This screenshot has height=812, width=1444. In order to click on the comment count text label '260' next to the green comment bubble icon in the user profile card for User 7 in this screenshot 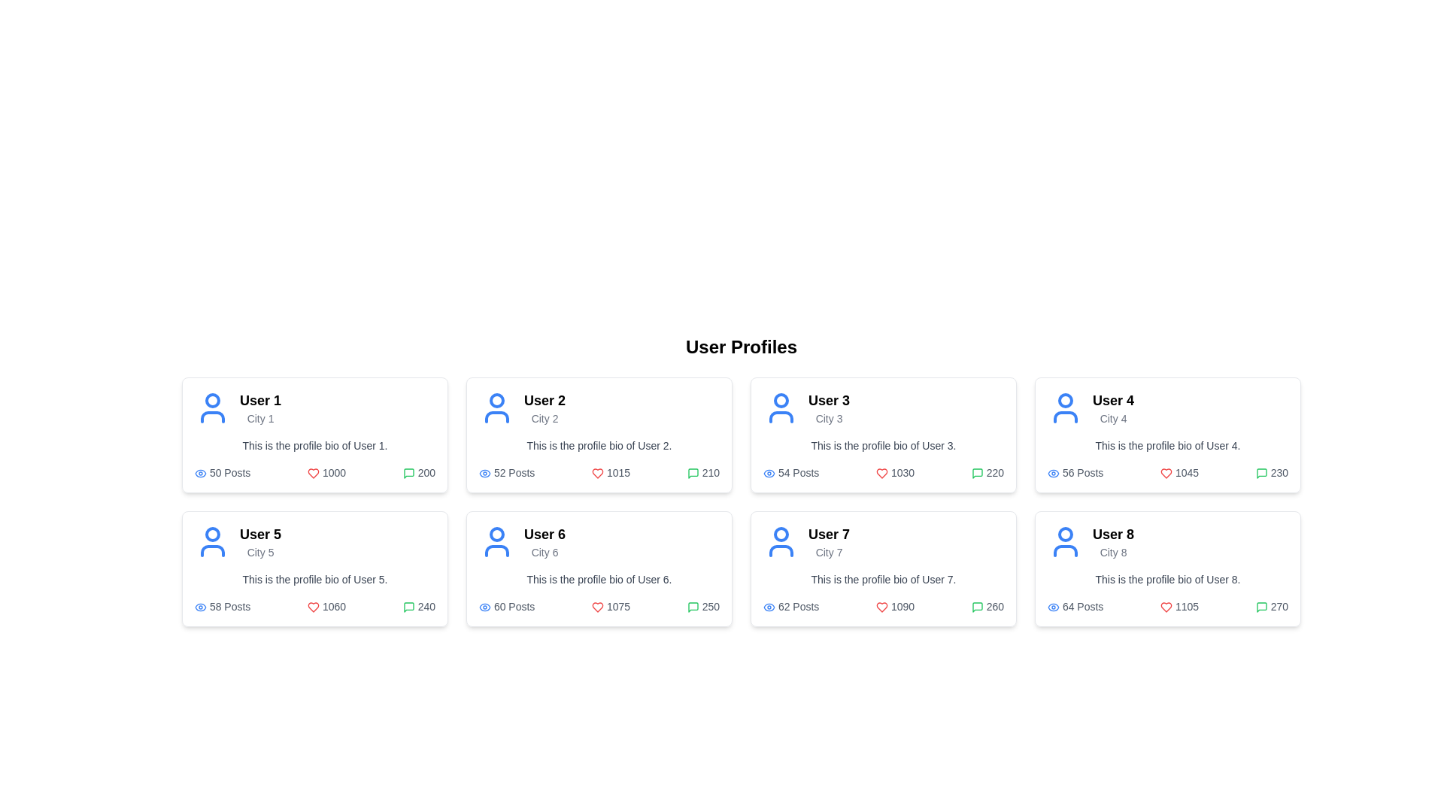, I will do `click(987, 605)`.